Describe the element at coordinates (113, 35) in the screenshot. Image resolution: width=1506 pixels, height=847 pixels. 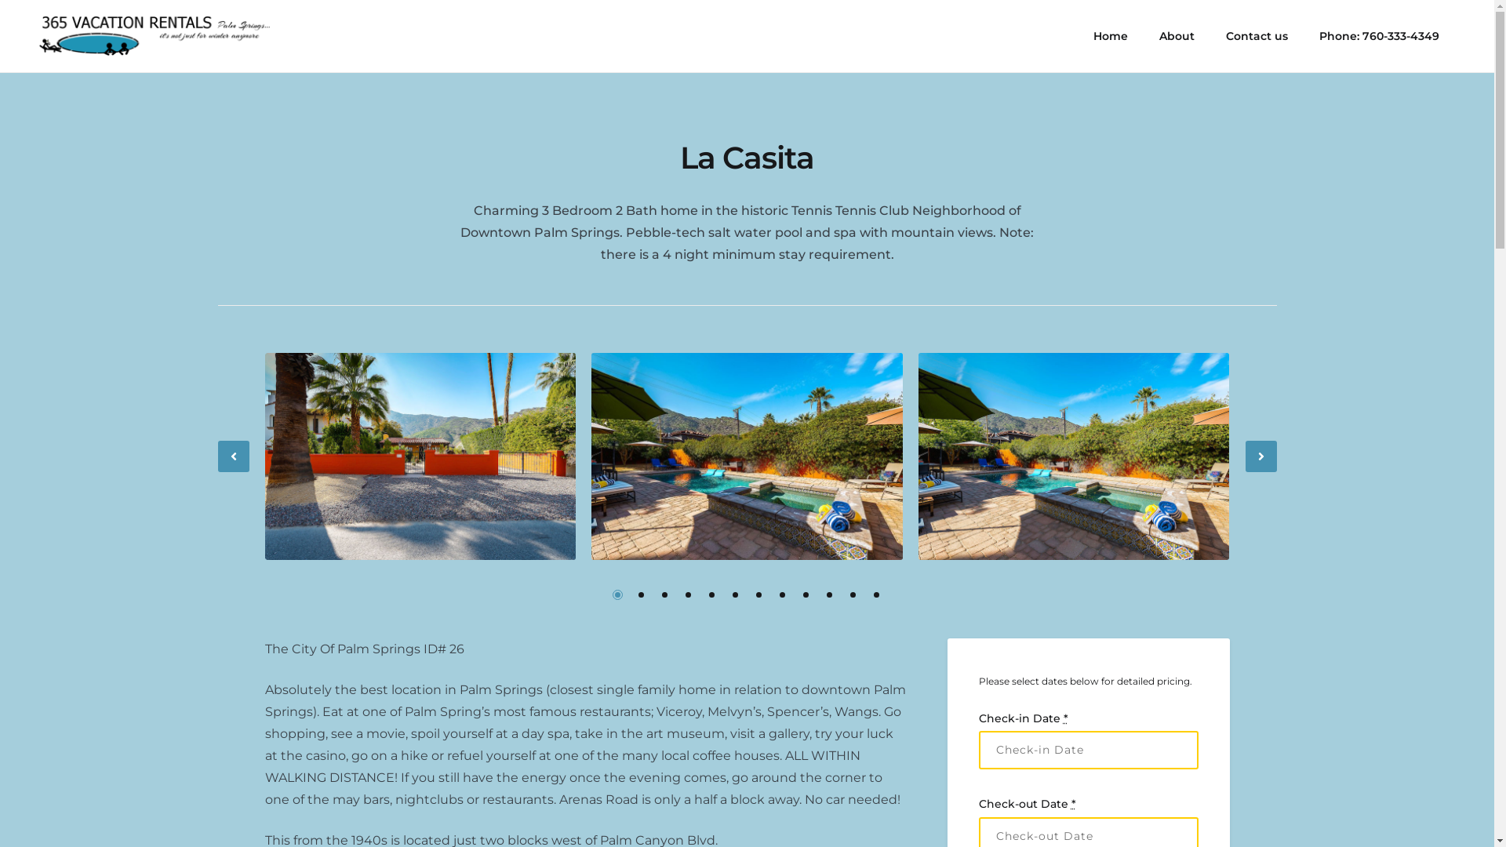
I see `'365 Vacation Rentals'` at that location.